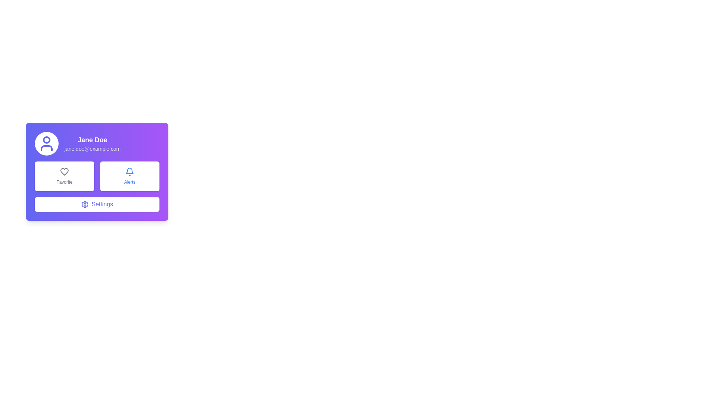 This screenshot has height=400, width=712. What do you see at coordinates (130, 171) in the screenshot?
I see `the bell icon with a notification badge indicating three unread notifications, located in the second box of the second row in the main content area labeled 'Alerts'` at bounding box center [130, 171].